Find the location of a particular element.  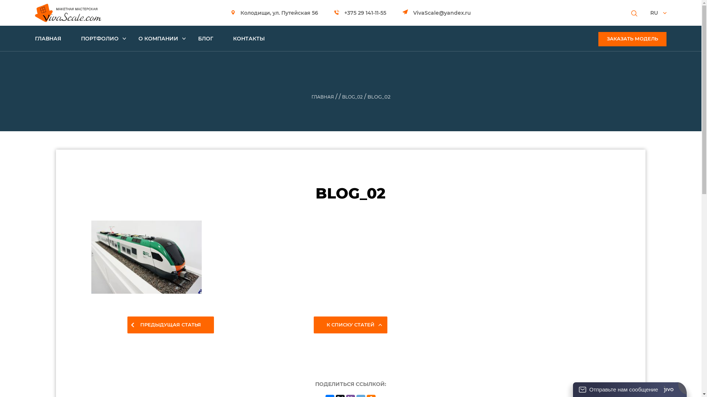

'VivaScale@yandex.ru' is located at coordinates (436, 12).